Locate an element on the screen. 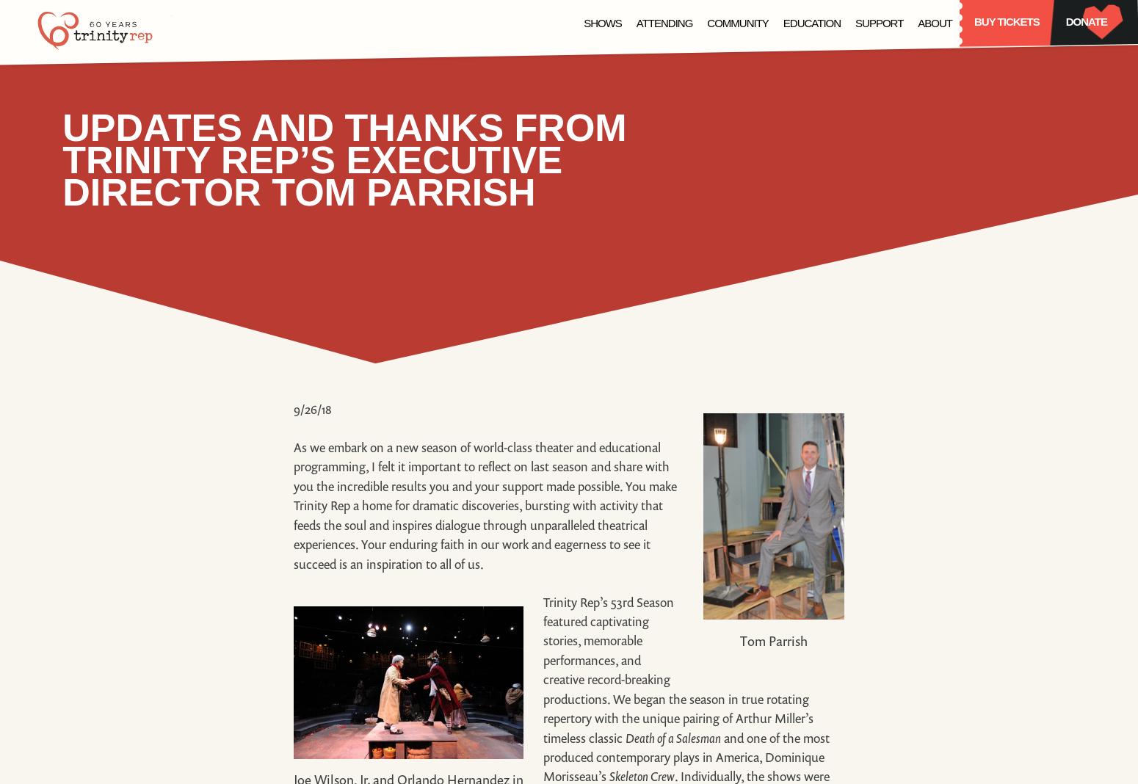 The width and height of the screenshot is (1138, 784). '2023-24 Season' is located at coordinates (559, 166).